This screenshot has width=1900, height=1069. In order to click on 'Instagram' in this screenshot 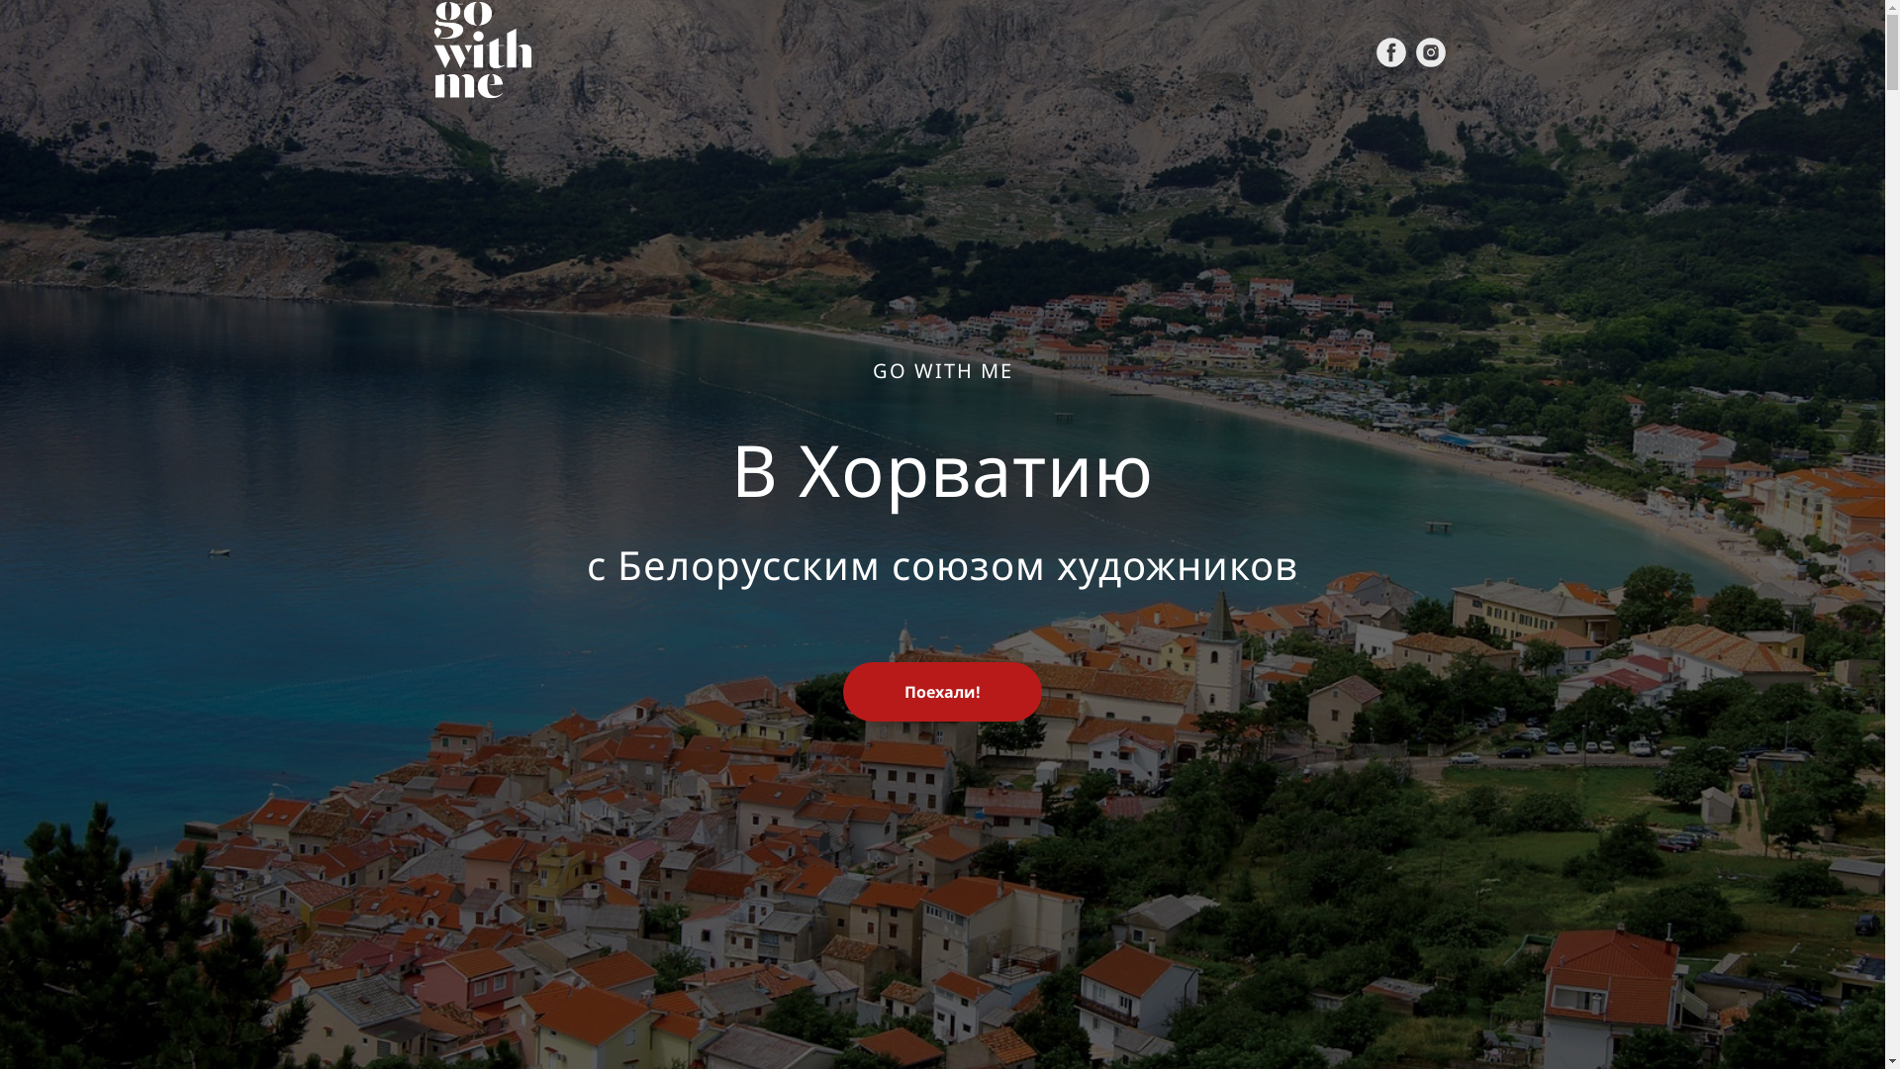, I will do `click(1430, 51)`.